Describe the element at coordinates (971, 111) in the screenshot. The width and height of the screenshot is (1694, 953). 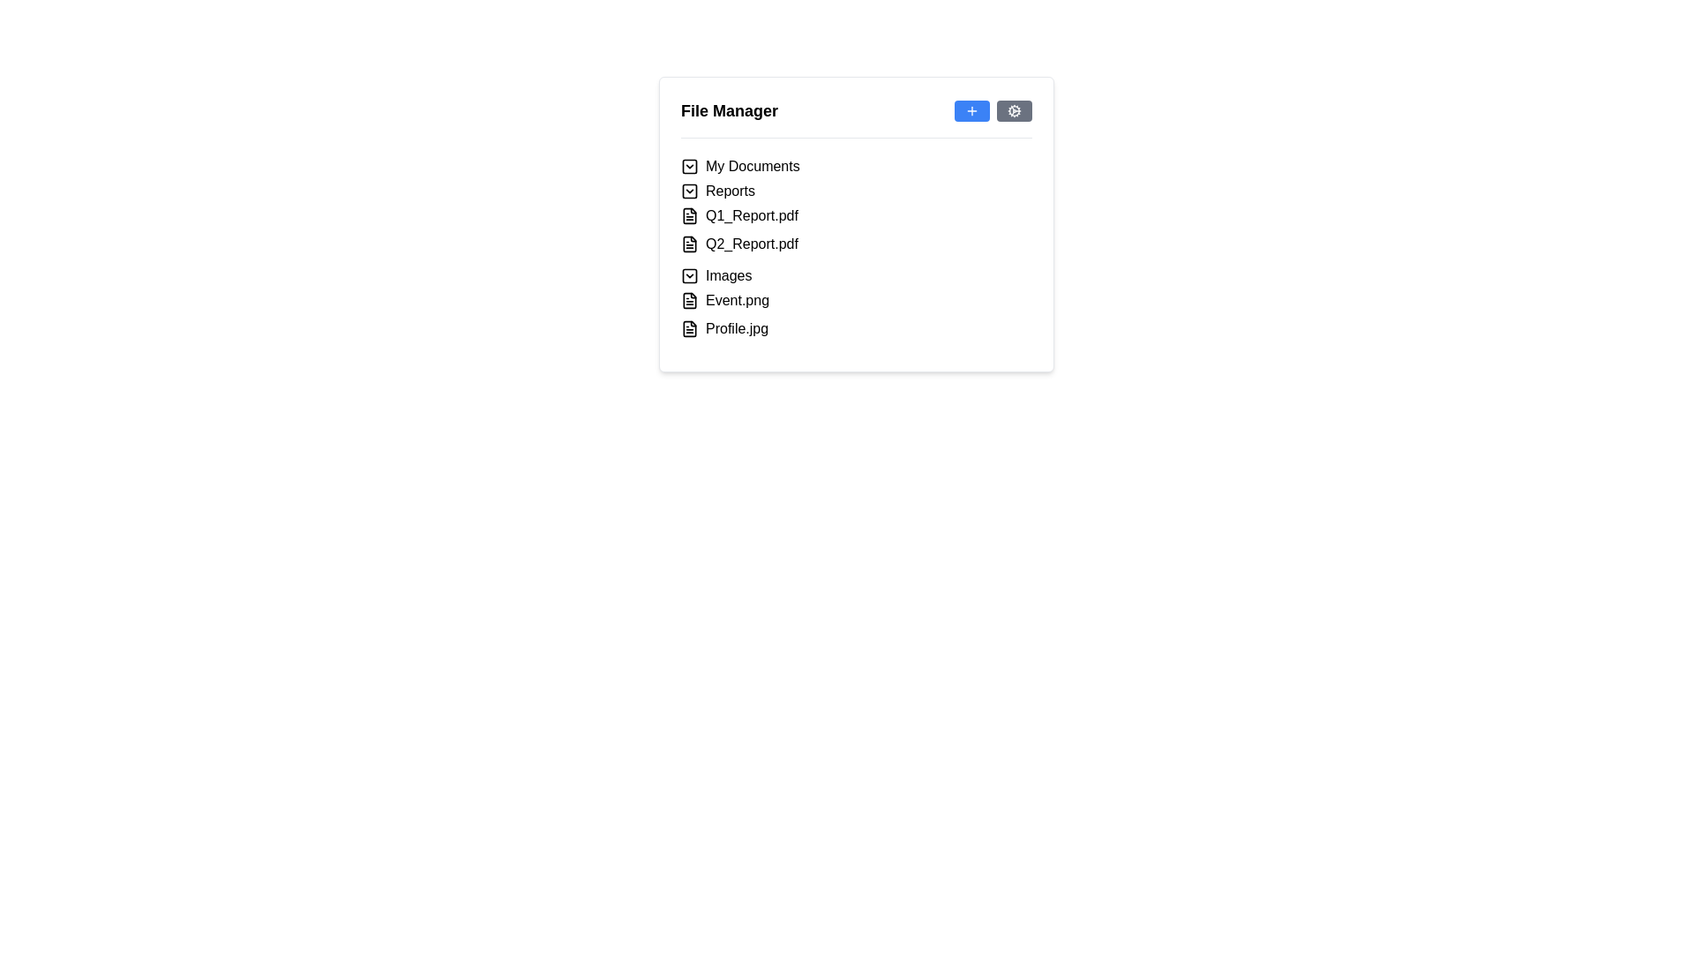
I see `the small blue rectangular button with a white plus icon located in the top right of the 'File Manager' panel` at that location.